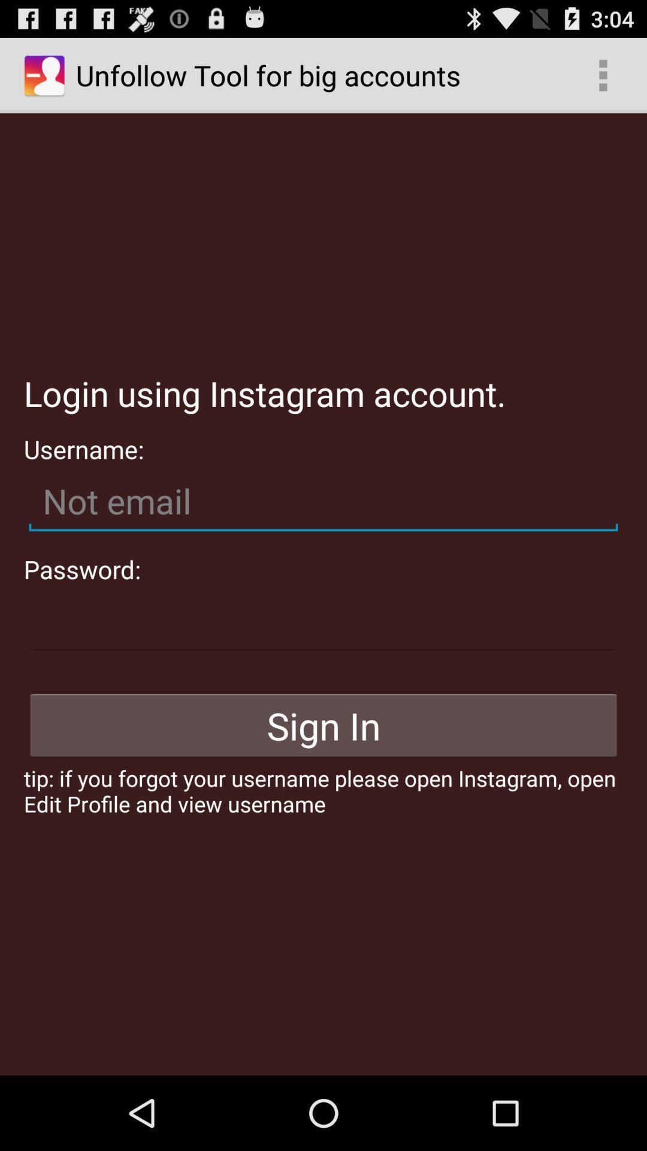 This screenshot has width=647, height=1151. Describe the element at coordinates (323, 621) in the screenshot. I see `password` at that location.